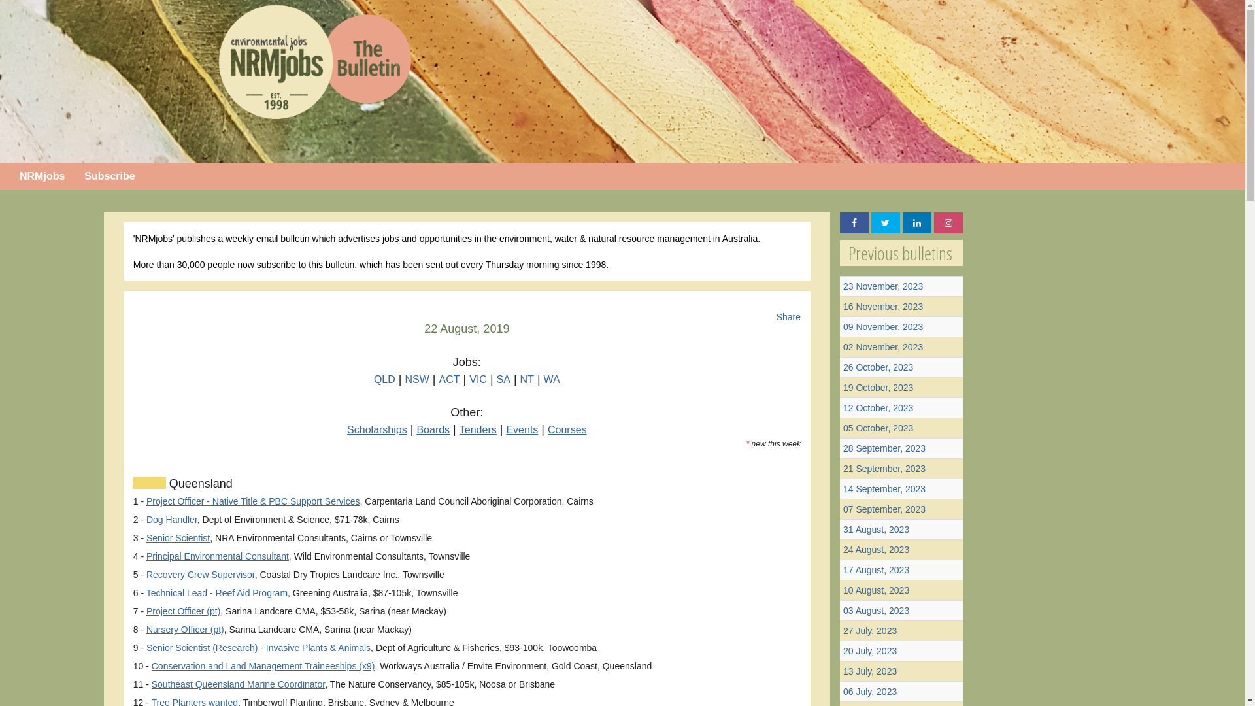 The width and height of the screenshot is (1255, 706). I want to click on 'VIC', so click(477, 379).